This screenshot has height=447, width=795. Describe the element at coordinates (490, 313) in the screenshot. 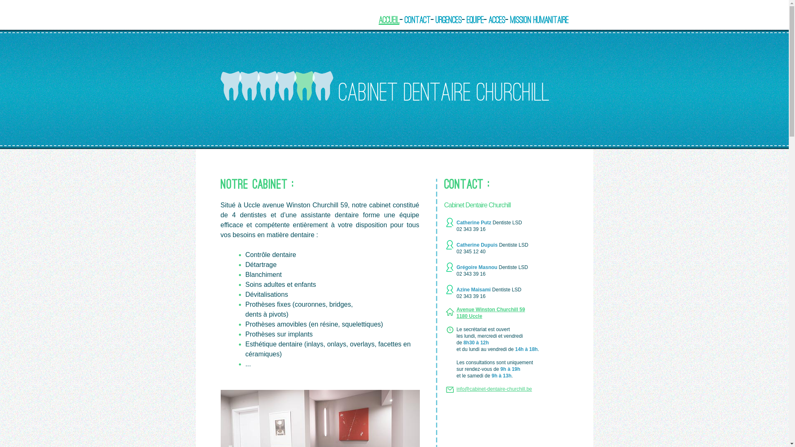

I see `'Avenue Winston Churchill 59` at that location.